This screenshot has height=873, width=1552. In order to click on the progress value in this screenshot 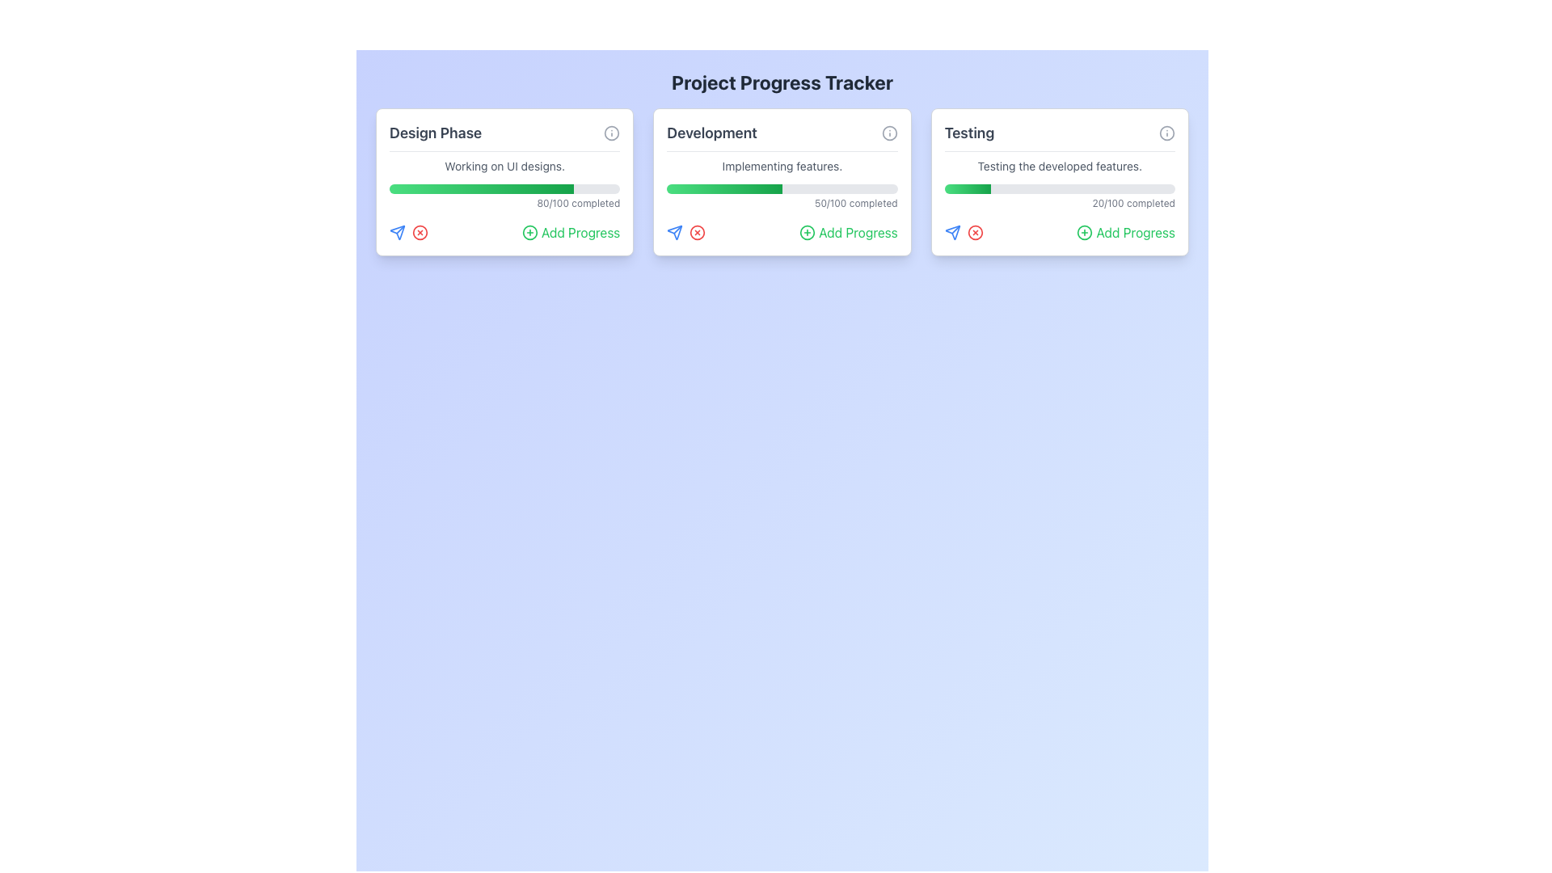, I will do `click(981, 188)`.